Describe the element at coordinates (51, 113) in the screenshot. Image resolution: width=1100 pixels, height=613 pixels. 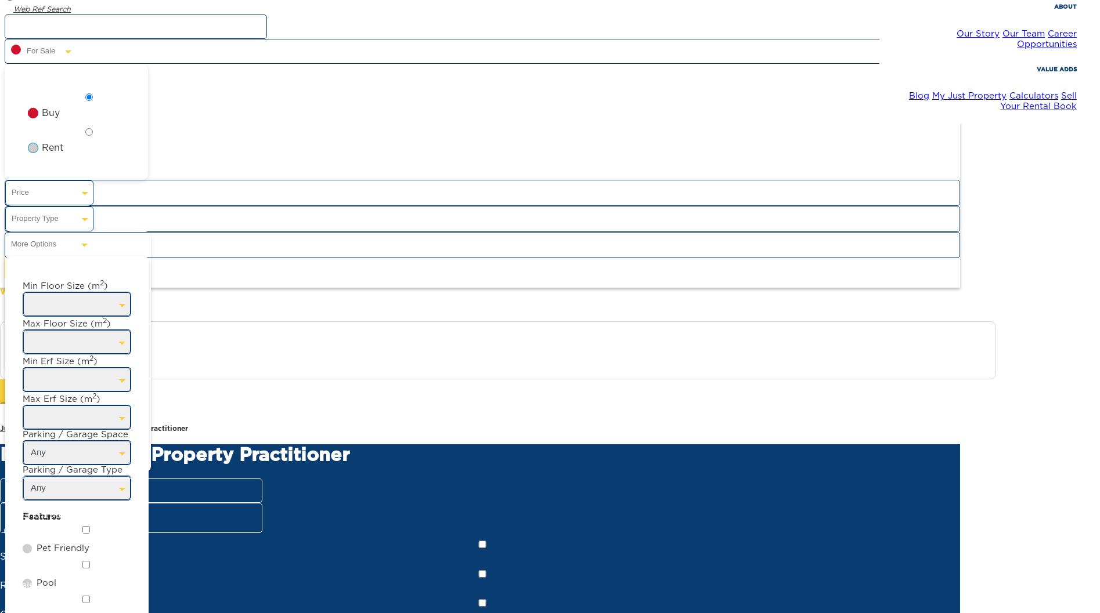
I see `'Buy'` at that location.